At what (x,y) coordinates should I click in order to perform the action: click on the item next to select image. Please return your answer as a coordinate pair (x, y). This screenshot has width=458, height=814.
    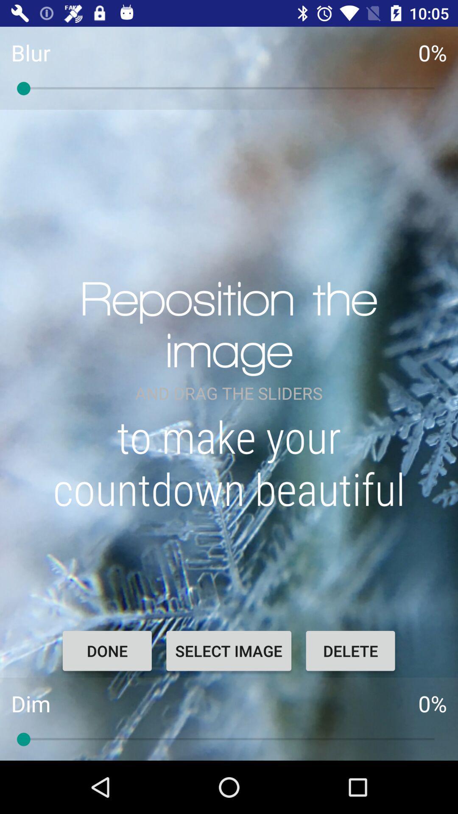
    Looking at the image, I should click on (106, 650).